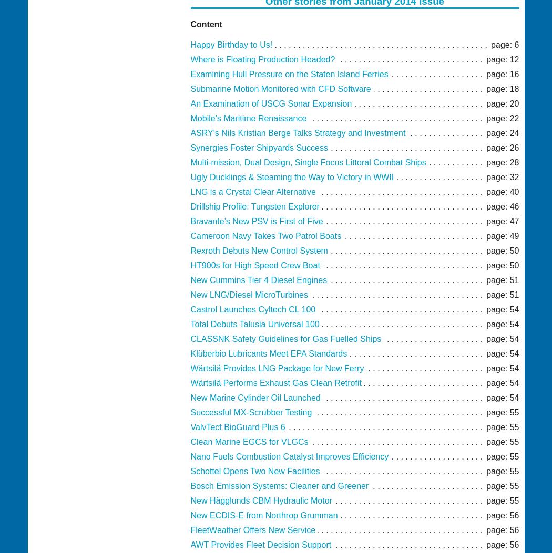 This screenshot has width=552, height=553. What do you see at coordinates (190, 221) in the screenshot?
I see `'Bravante’s New PSV is First of Five'` at bounding box center [190, 221].